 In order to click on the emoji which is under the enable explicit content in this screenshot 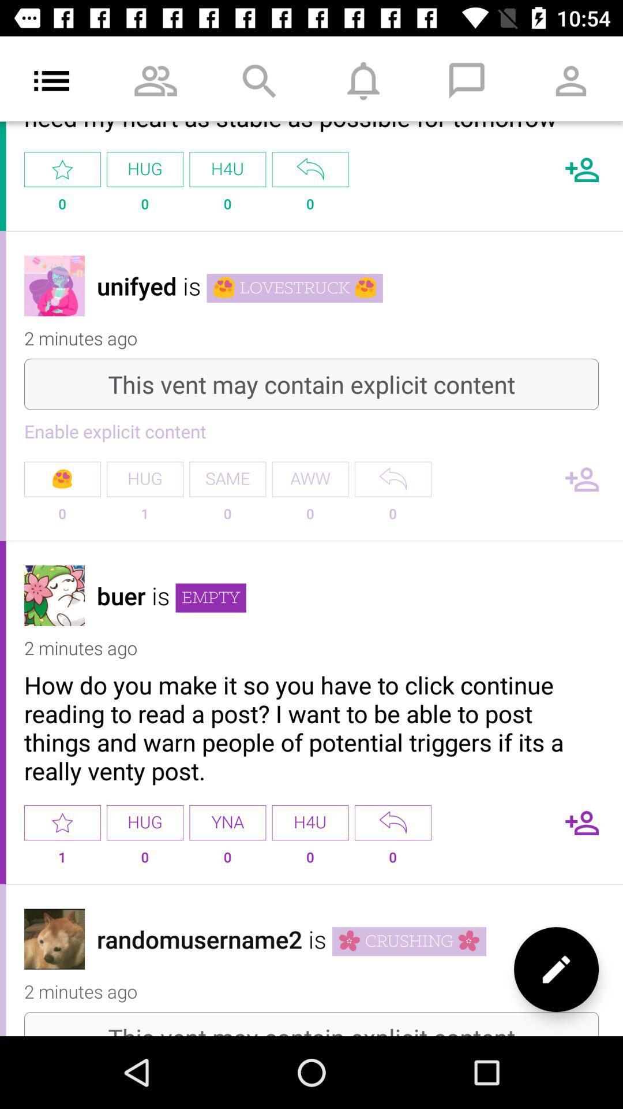, I will do `click(62, 479)`.